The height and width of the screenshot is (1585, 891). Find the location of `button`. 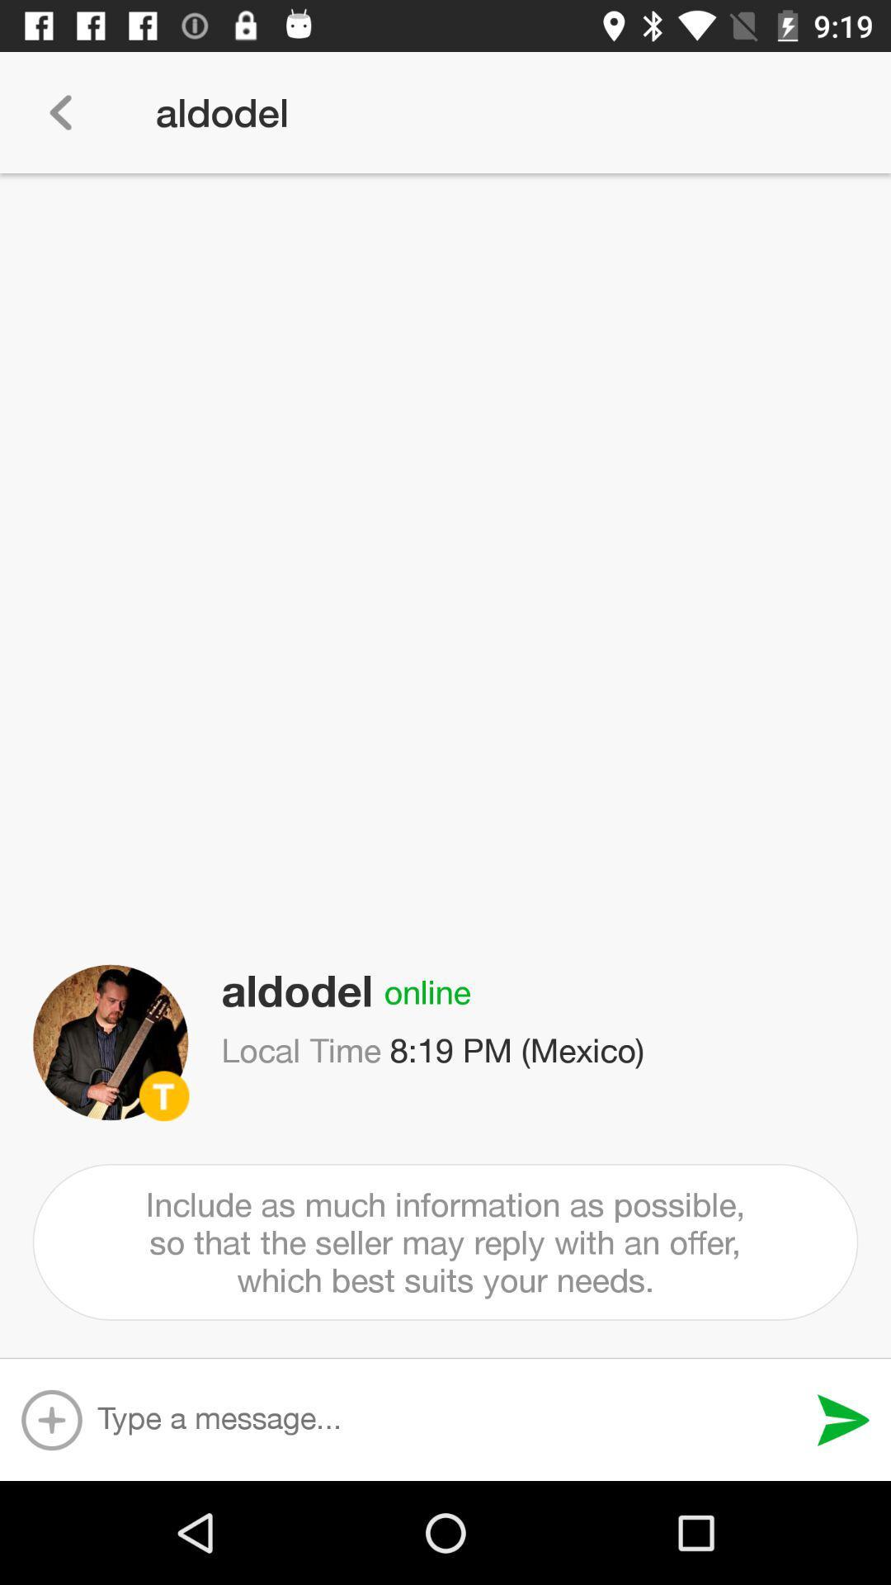

button is located at coordinates (50, 1419).